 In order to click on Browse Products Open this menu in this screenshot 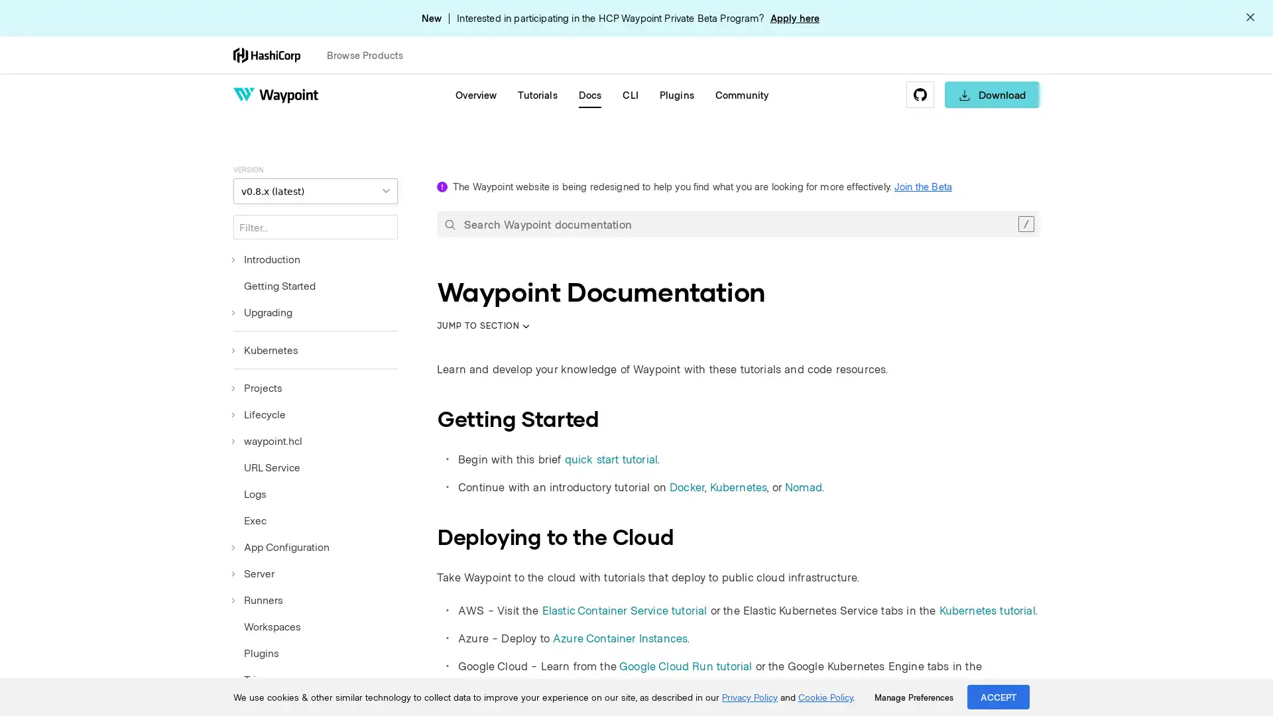, I will do `click(371, 54)`.